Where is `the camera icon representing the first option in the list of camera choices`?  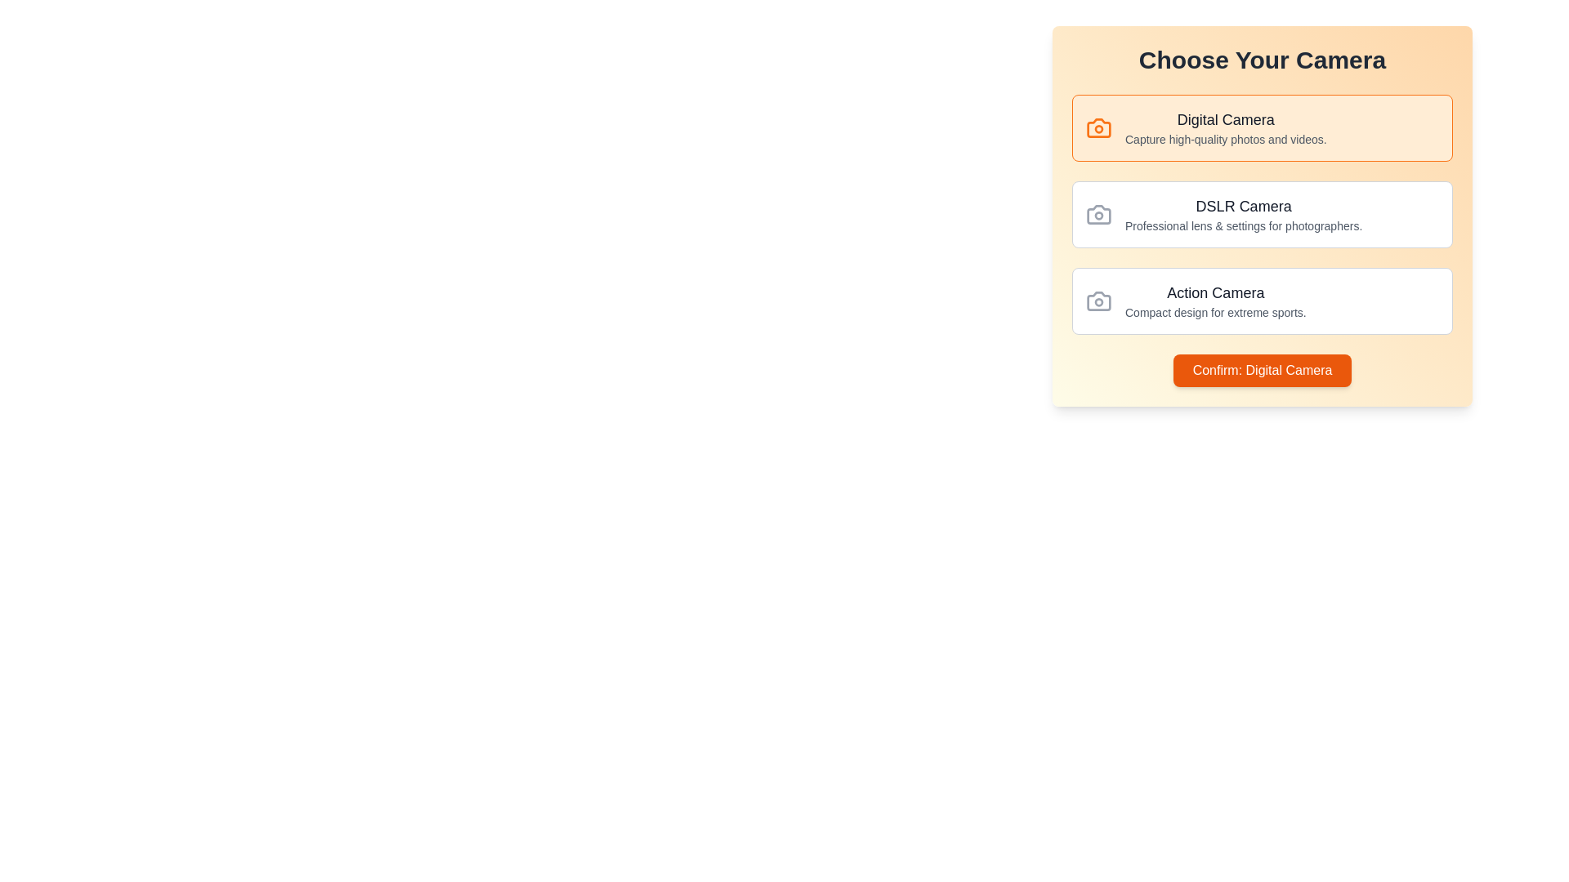 the camera icon representing the first option in the list of camera choices is located at coordinates (1098, 127).